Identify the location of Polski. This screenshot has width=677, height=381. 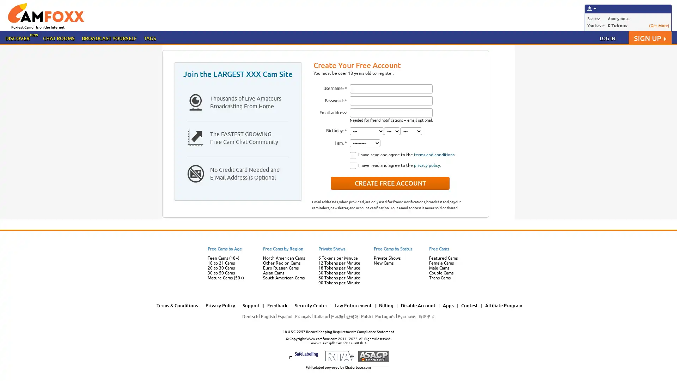
(367, 316).